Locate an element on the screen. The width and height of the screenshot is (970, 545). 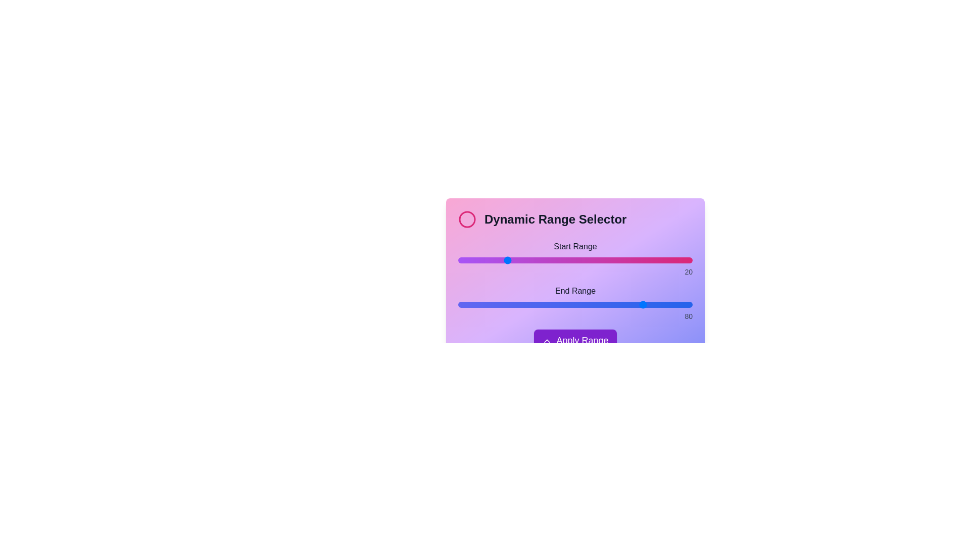
the start range slider to 6 by dragging the slider to the desired position is located at coordinates (471, 260).